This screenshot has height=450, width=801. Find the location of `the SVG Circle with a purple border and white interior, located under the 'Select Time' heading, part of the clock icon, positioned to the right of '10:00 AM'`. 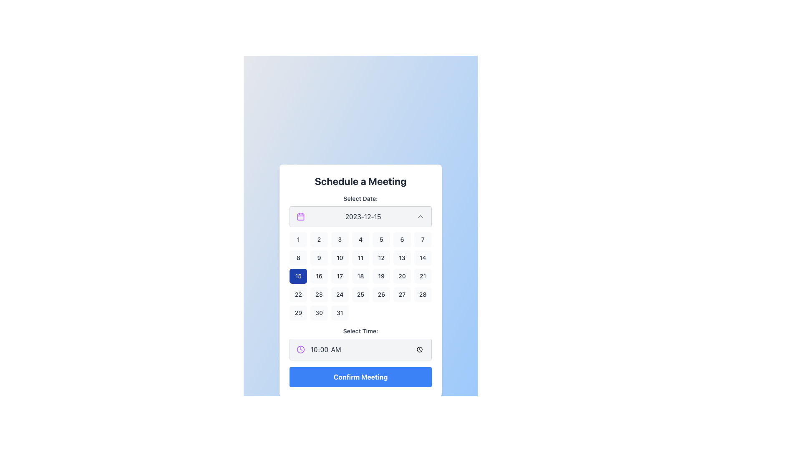

the SVG Circle with a purple border and white interior, located under the 'Select Time' heading, part of the clock icon, positioned to the right of '10:00 AM' is located at coordinates (300, 350).